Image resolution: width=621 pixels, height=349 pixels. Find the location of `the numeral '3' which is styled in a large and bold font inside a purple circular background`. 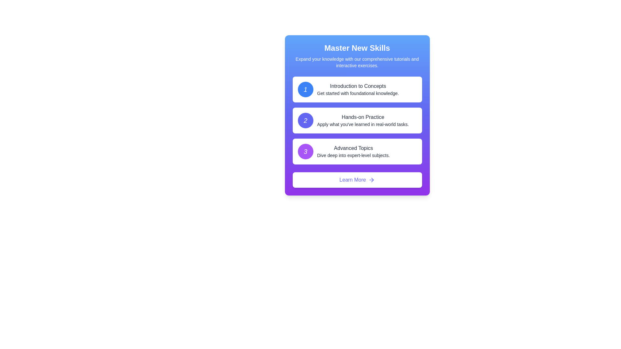

the numeral '3' which is styled in a large and bold font inside a purple circular background is located at coordinates (305, 152).